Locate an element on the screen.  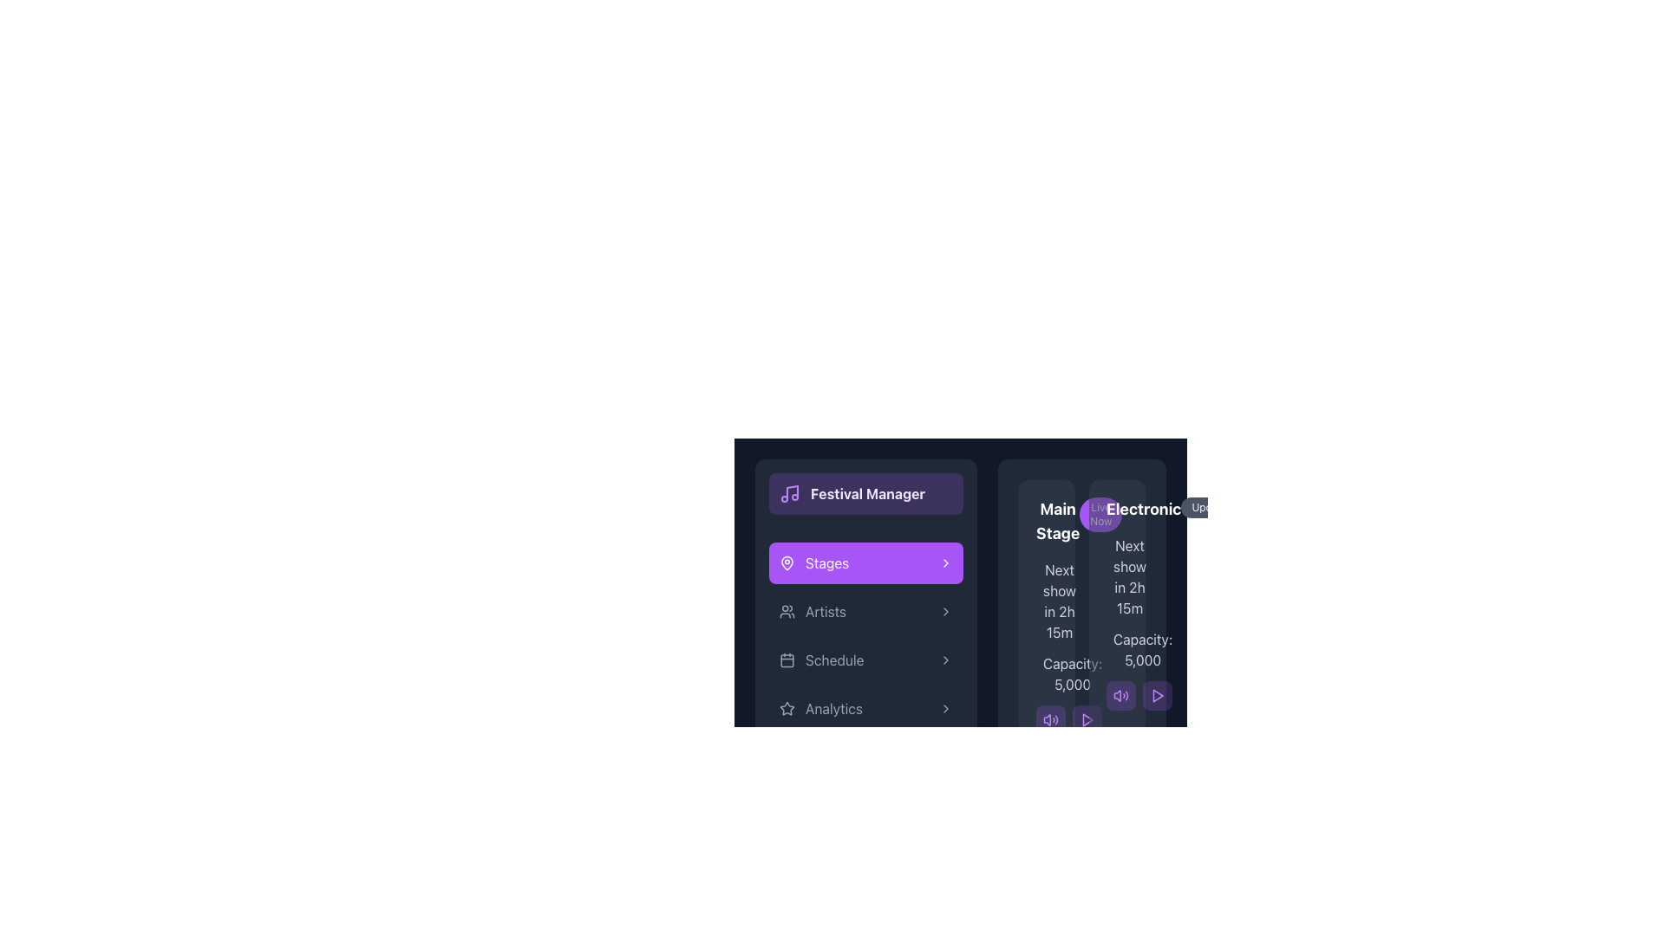
the audio control icon located within a rounded rectangular button at the bottom right of the 'Electronic' stage card to interact with the audio settings is located at coordinates (1049, 719).